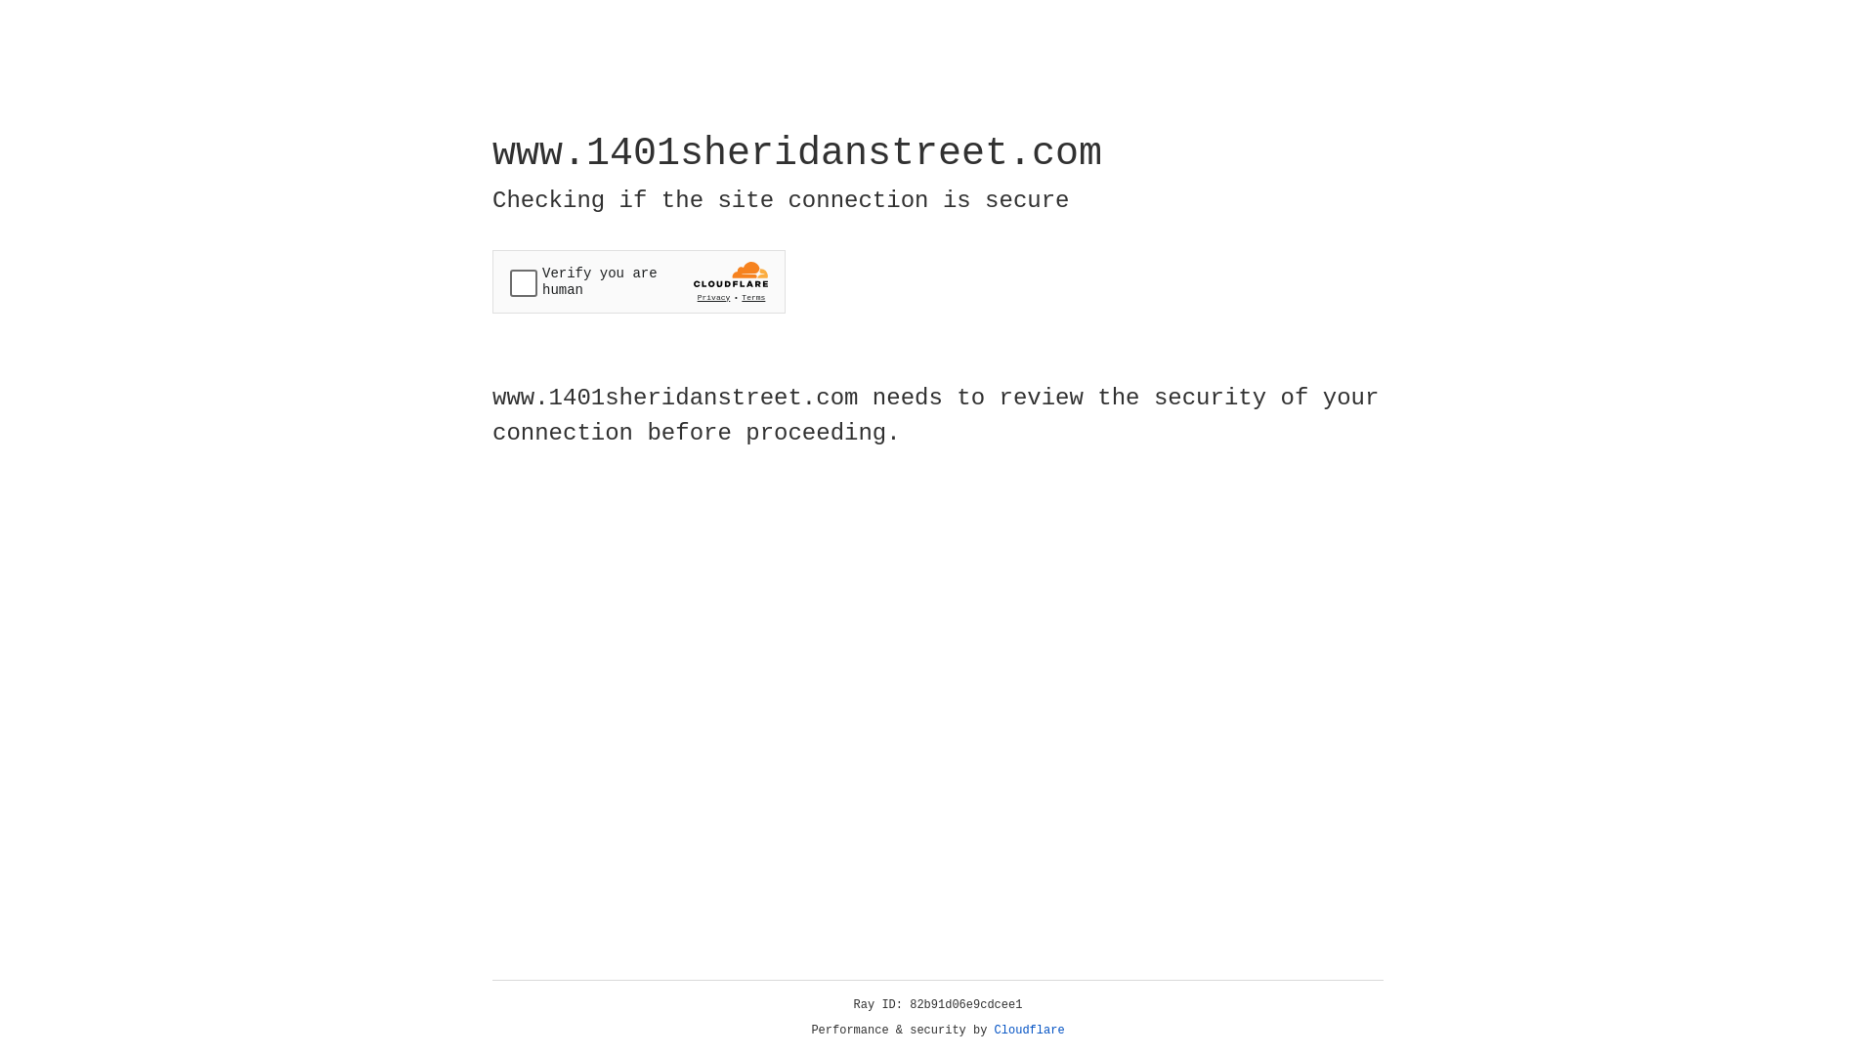 The width and height of the screenshot is (1876, 1055). I want to click on 'Cloudflare', so click(1029, 1030).